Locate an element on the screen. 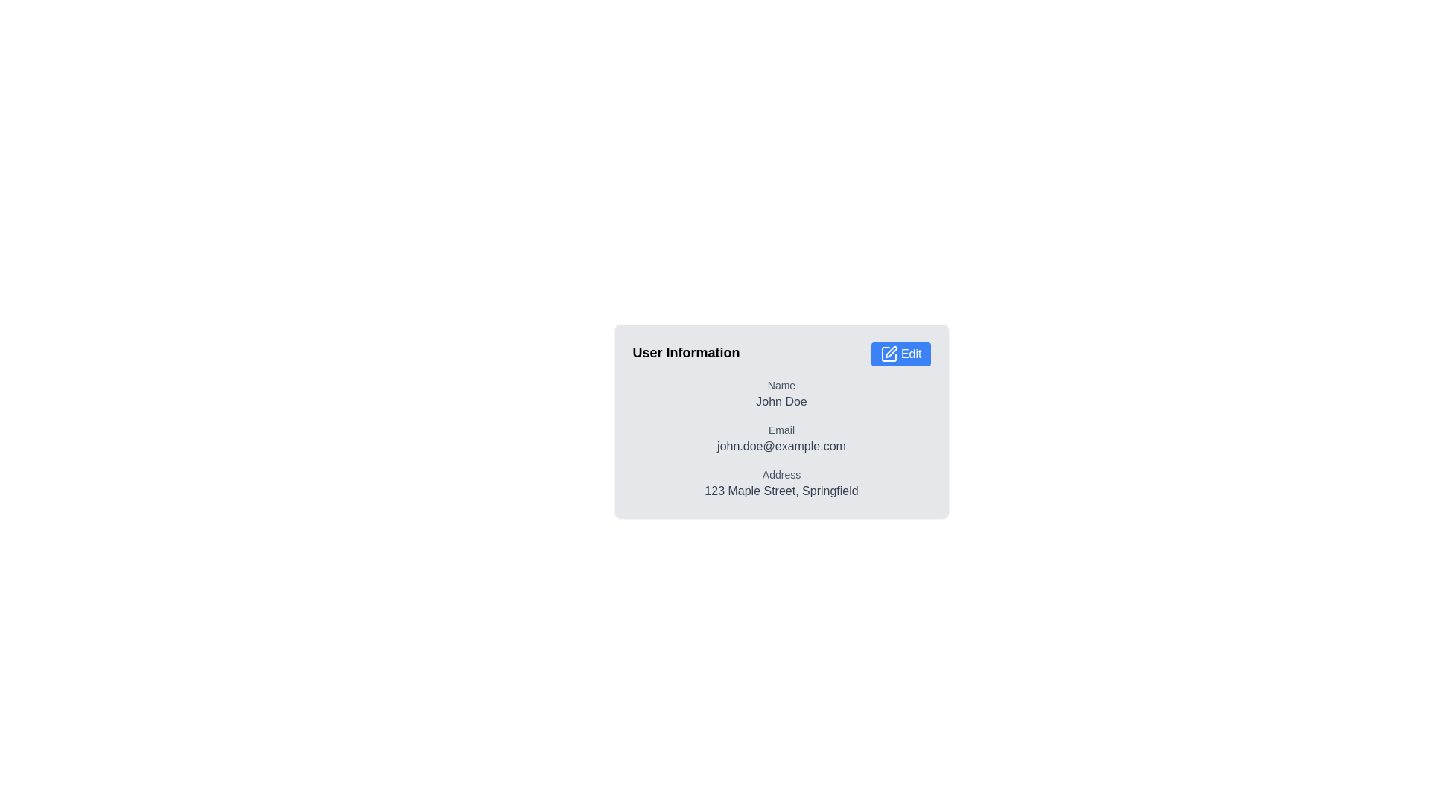  the pen icon located within the 'Edit' button on the top-right corner of the 'User Information' card is located at coordinates (891, 352).